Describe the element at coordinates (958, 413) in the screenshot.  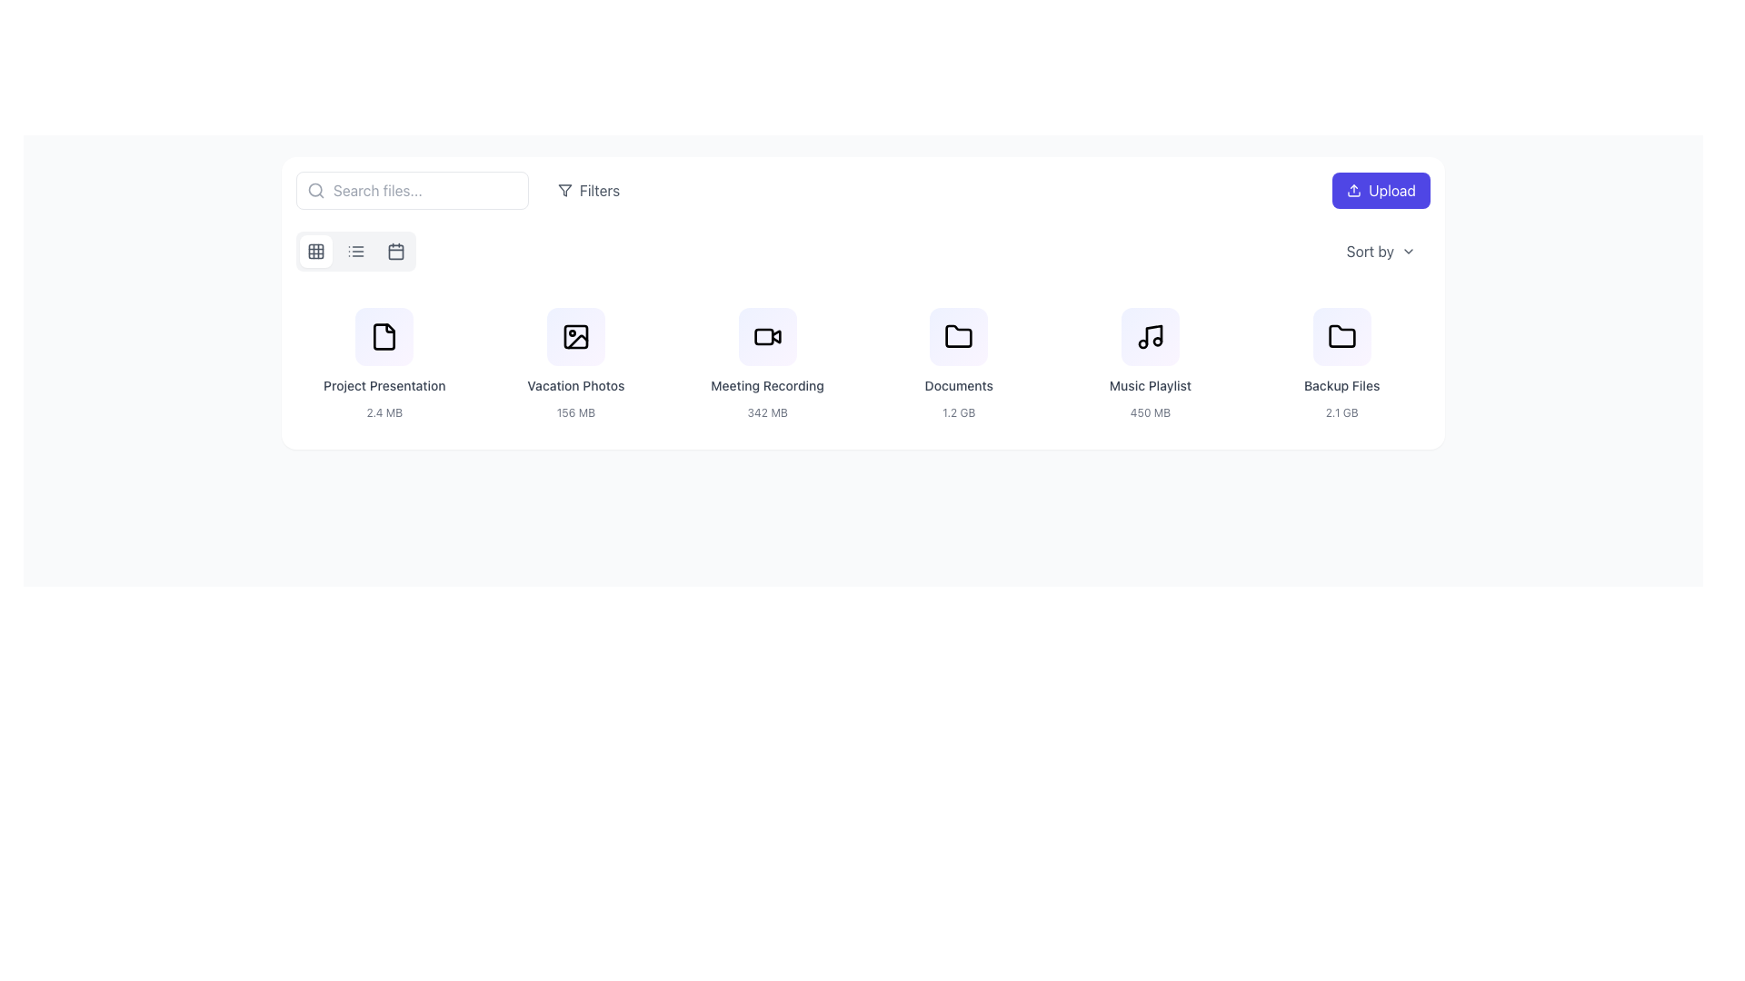
I see `the text label displaying '1.2 GB', which is located underneath the 'Documents' label and aligned with other size descriptions` at that location.